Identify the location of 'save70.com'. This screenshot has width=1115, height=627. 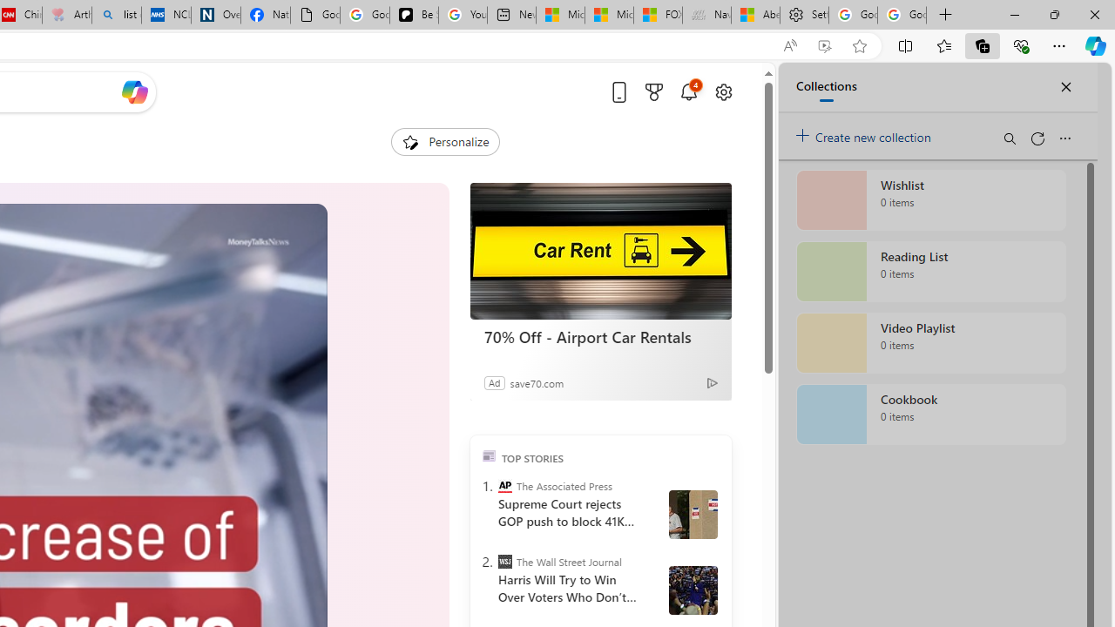
(536, 381).